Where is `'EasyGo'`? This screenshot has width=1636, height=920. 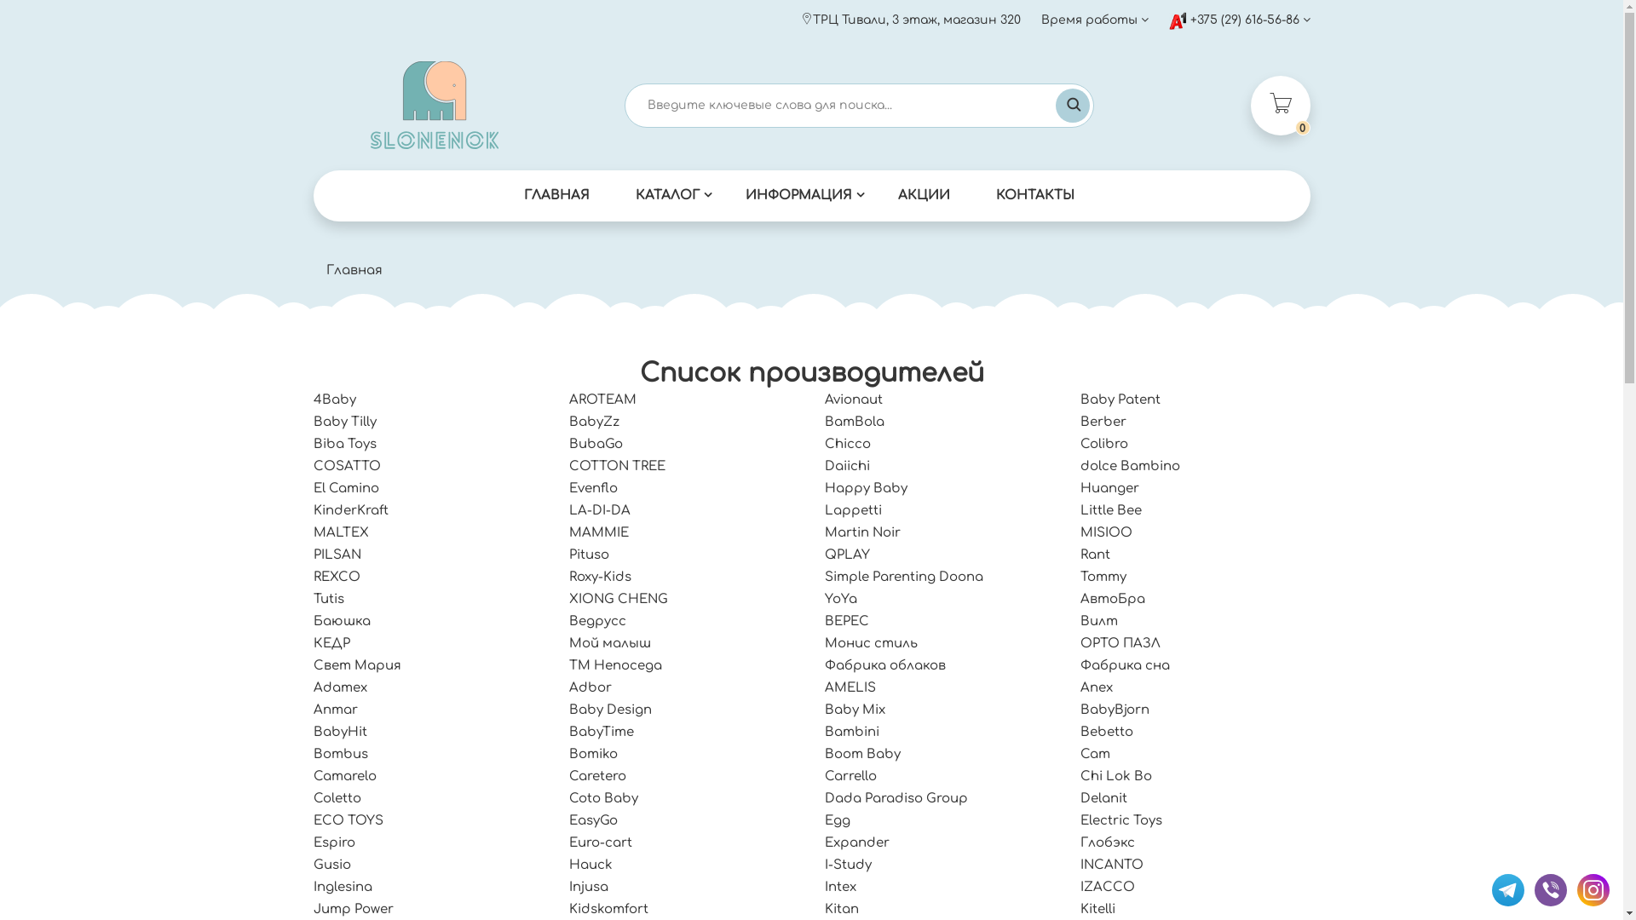
'EasyGo' is located at coordinates (593, 819).